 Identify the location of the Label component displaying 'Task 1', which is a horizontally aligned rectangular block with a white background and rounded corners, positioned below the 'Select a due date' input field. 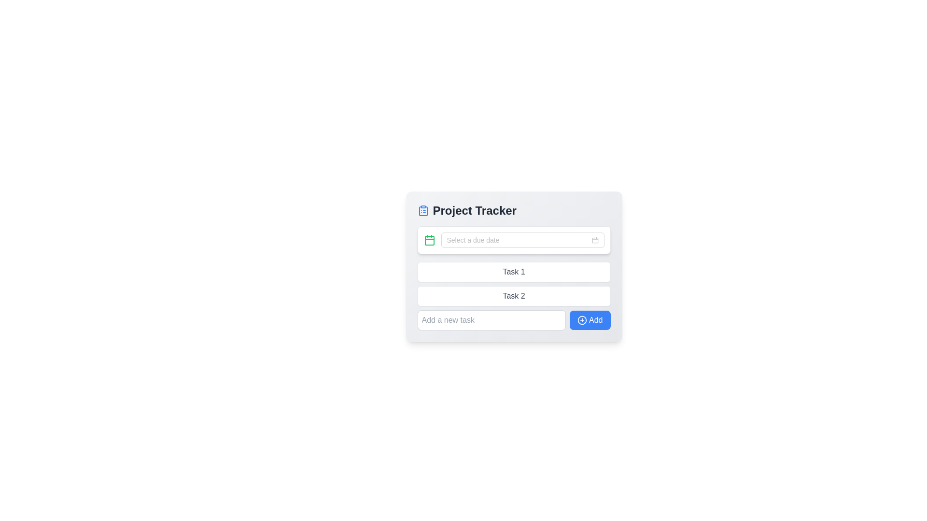
(513, 272).